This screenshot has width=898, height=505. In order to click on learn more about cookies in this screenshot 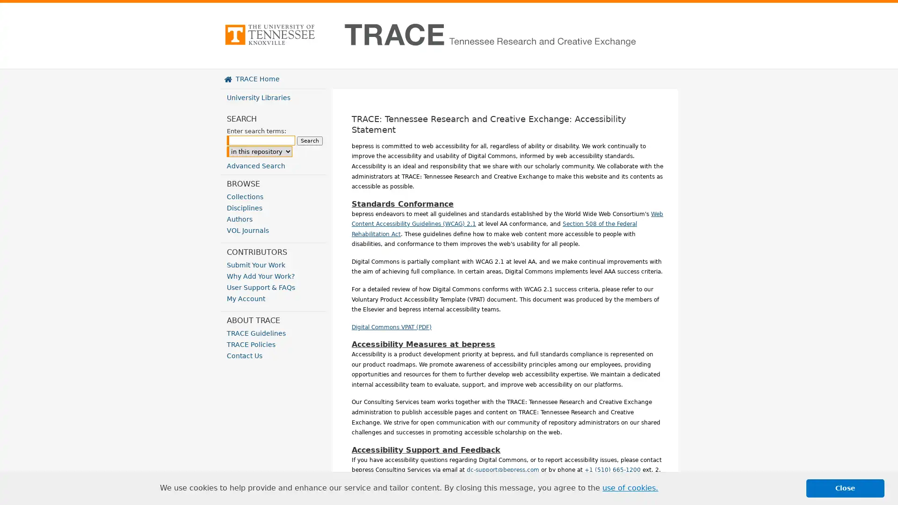, I will do `click(630, 488)`.